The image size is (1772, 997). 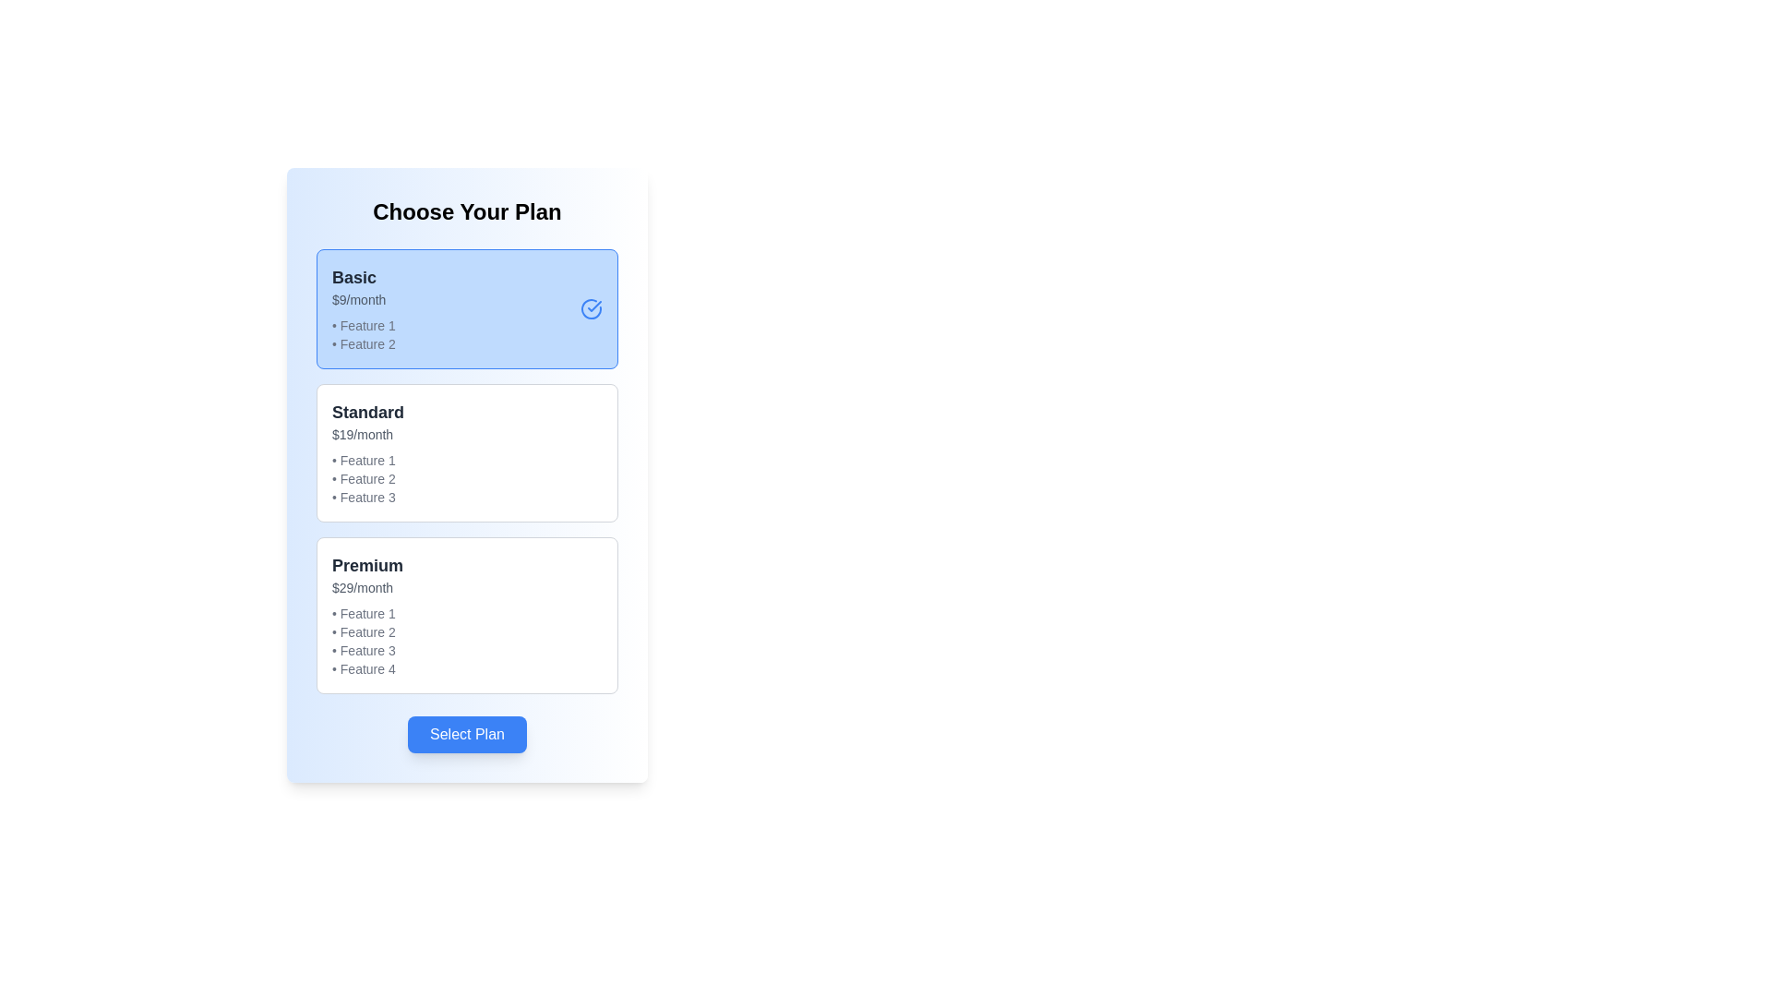 I want to click on the text label that conveys information about the third feature included in the 'Premium' plan, located in the vertical list under the 'Premium' plan section, so click(x=367, y=650).